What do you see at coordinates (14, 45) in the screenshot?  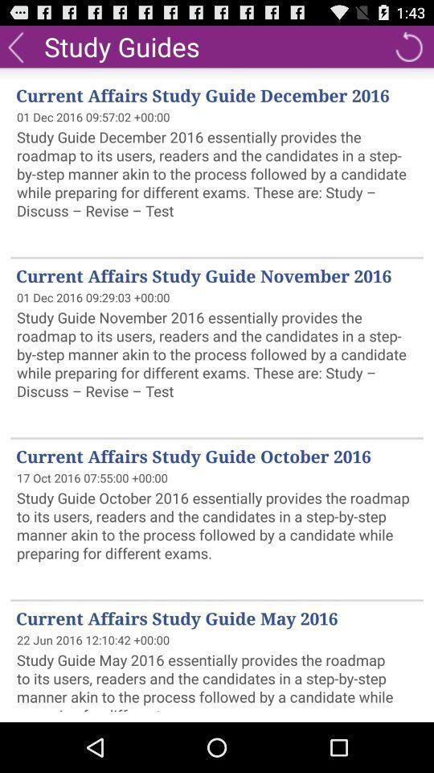 I see `the app next to the study guides app` at bounding box center [14, 45].